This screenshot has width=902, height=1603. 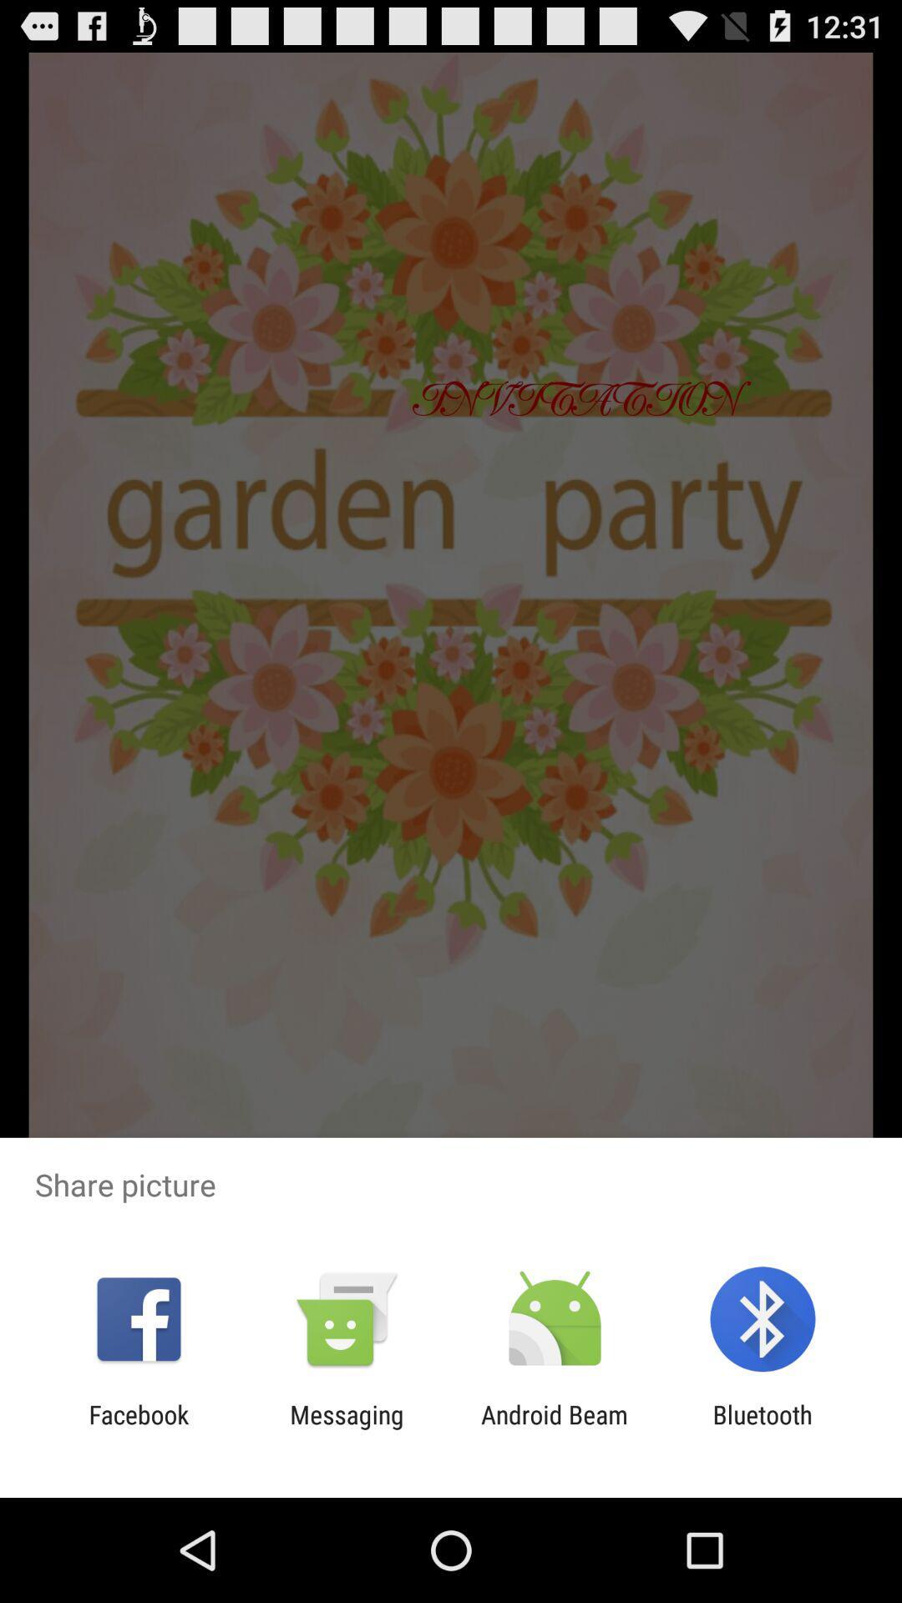 What do you see at coordinates (346, 1429) in the screenshot?
I see `icon to the left of android beam app` at bounding box center [346, 1429].